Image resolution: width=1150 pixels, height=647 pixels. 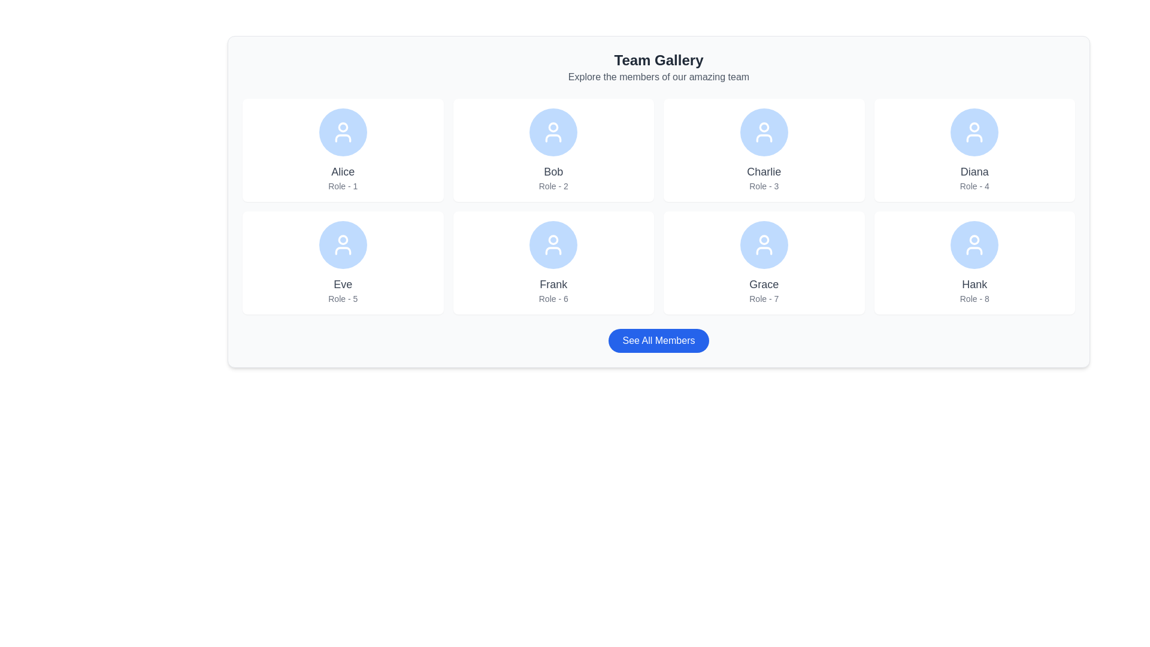 What do you see at coordinates (763, 240) in the screenshot?
I see `SVG Circle Graphic element located in the 'Grace' card of the 'Team Gallery' section by opening the browser developer tools` at bounding box center [763, 240].